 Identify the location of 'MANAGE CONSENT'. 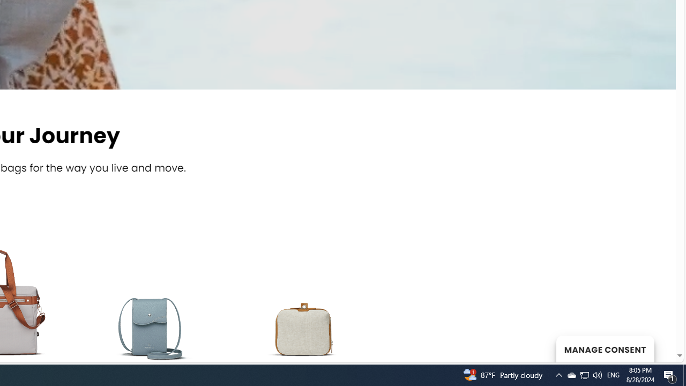
(605, 348).